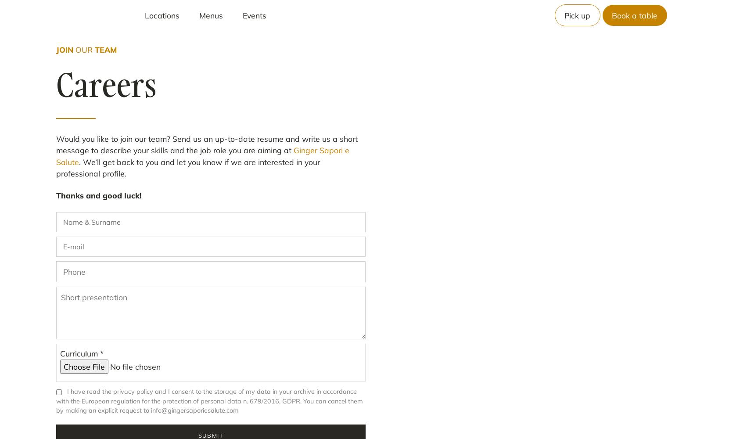  I want to click on 'Locations', so click(162, 15).